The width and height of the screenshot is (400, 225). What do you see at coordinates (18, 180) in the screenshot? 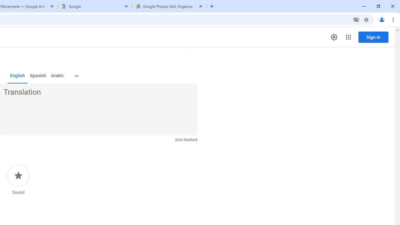
I see `'Saved'` at bounding box center [18, 180].